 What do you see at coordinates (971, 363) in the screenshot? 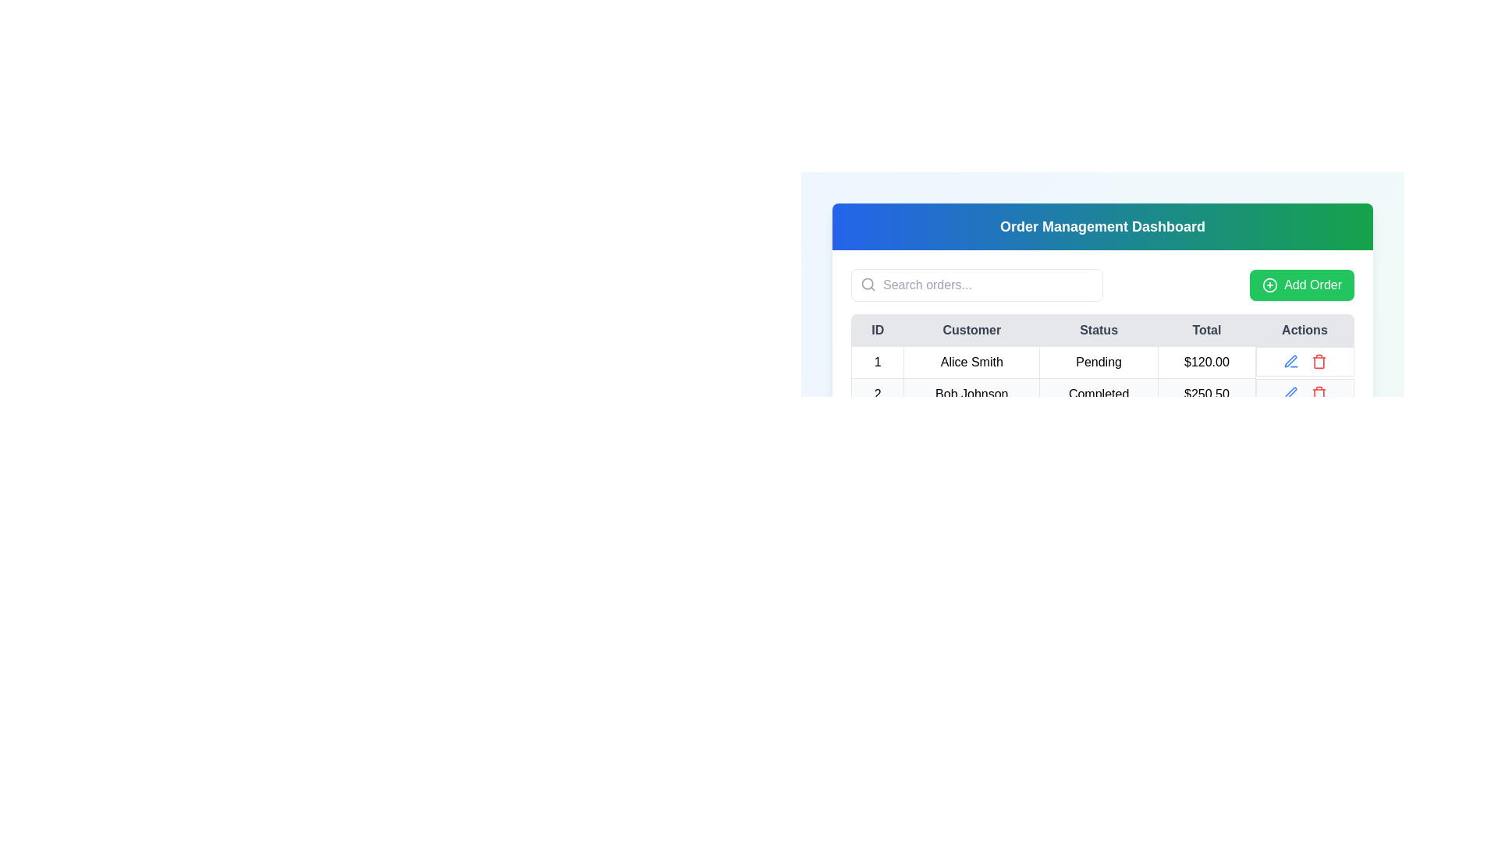
I see `the text label displaying 'Alice Smith' which is centered in a table cell under the 'Customer' column` at bounding box center [971, 363].